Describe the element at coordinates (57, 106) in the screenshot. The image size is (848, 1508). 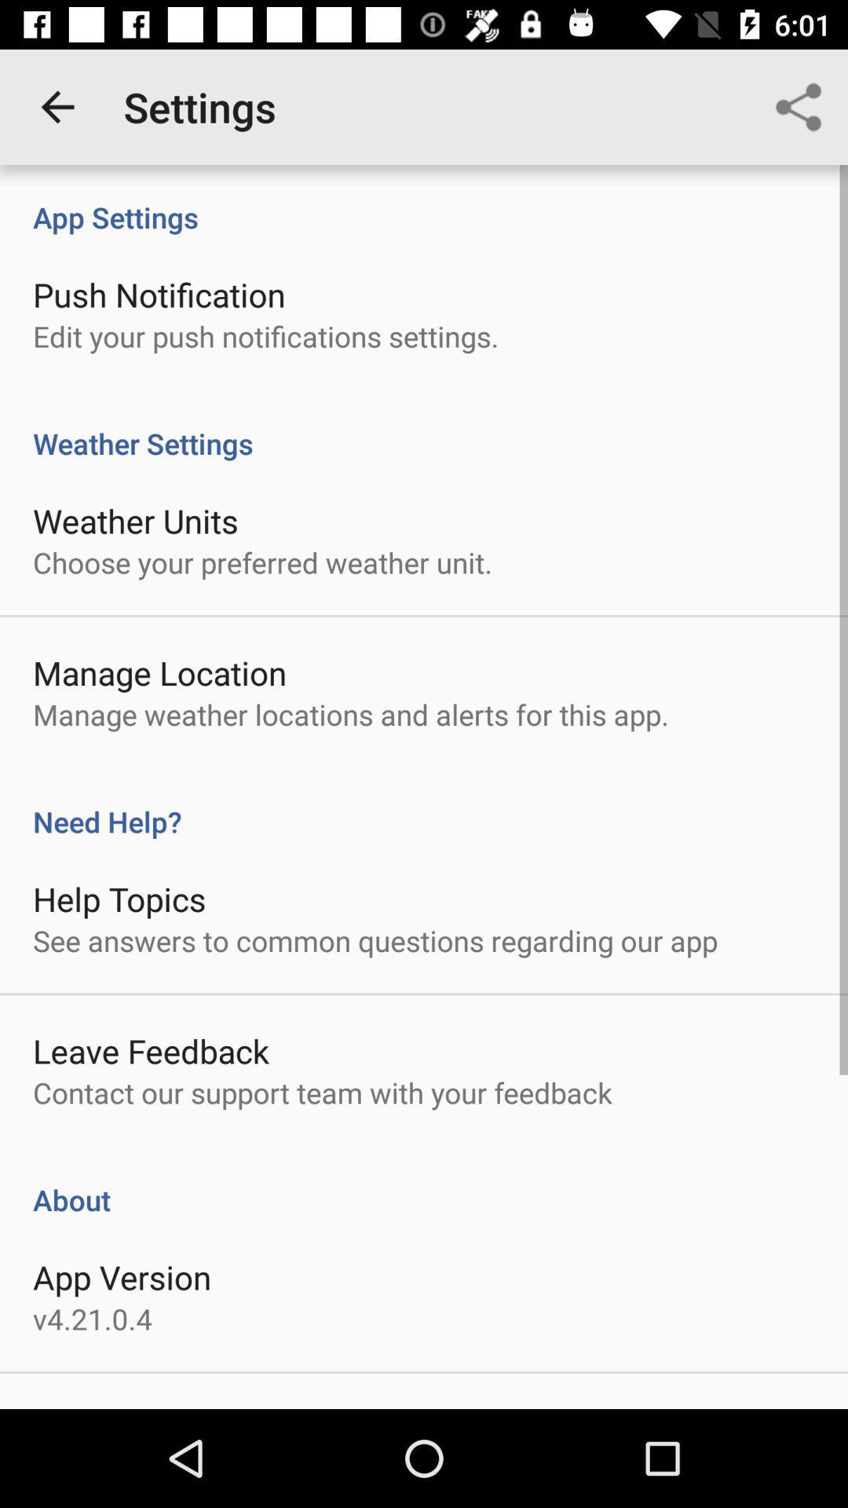
I see `the app to the left of settings  app` at that location.